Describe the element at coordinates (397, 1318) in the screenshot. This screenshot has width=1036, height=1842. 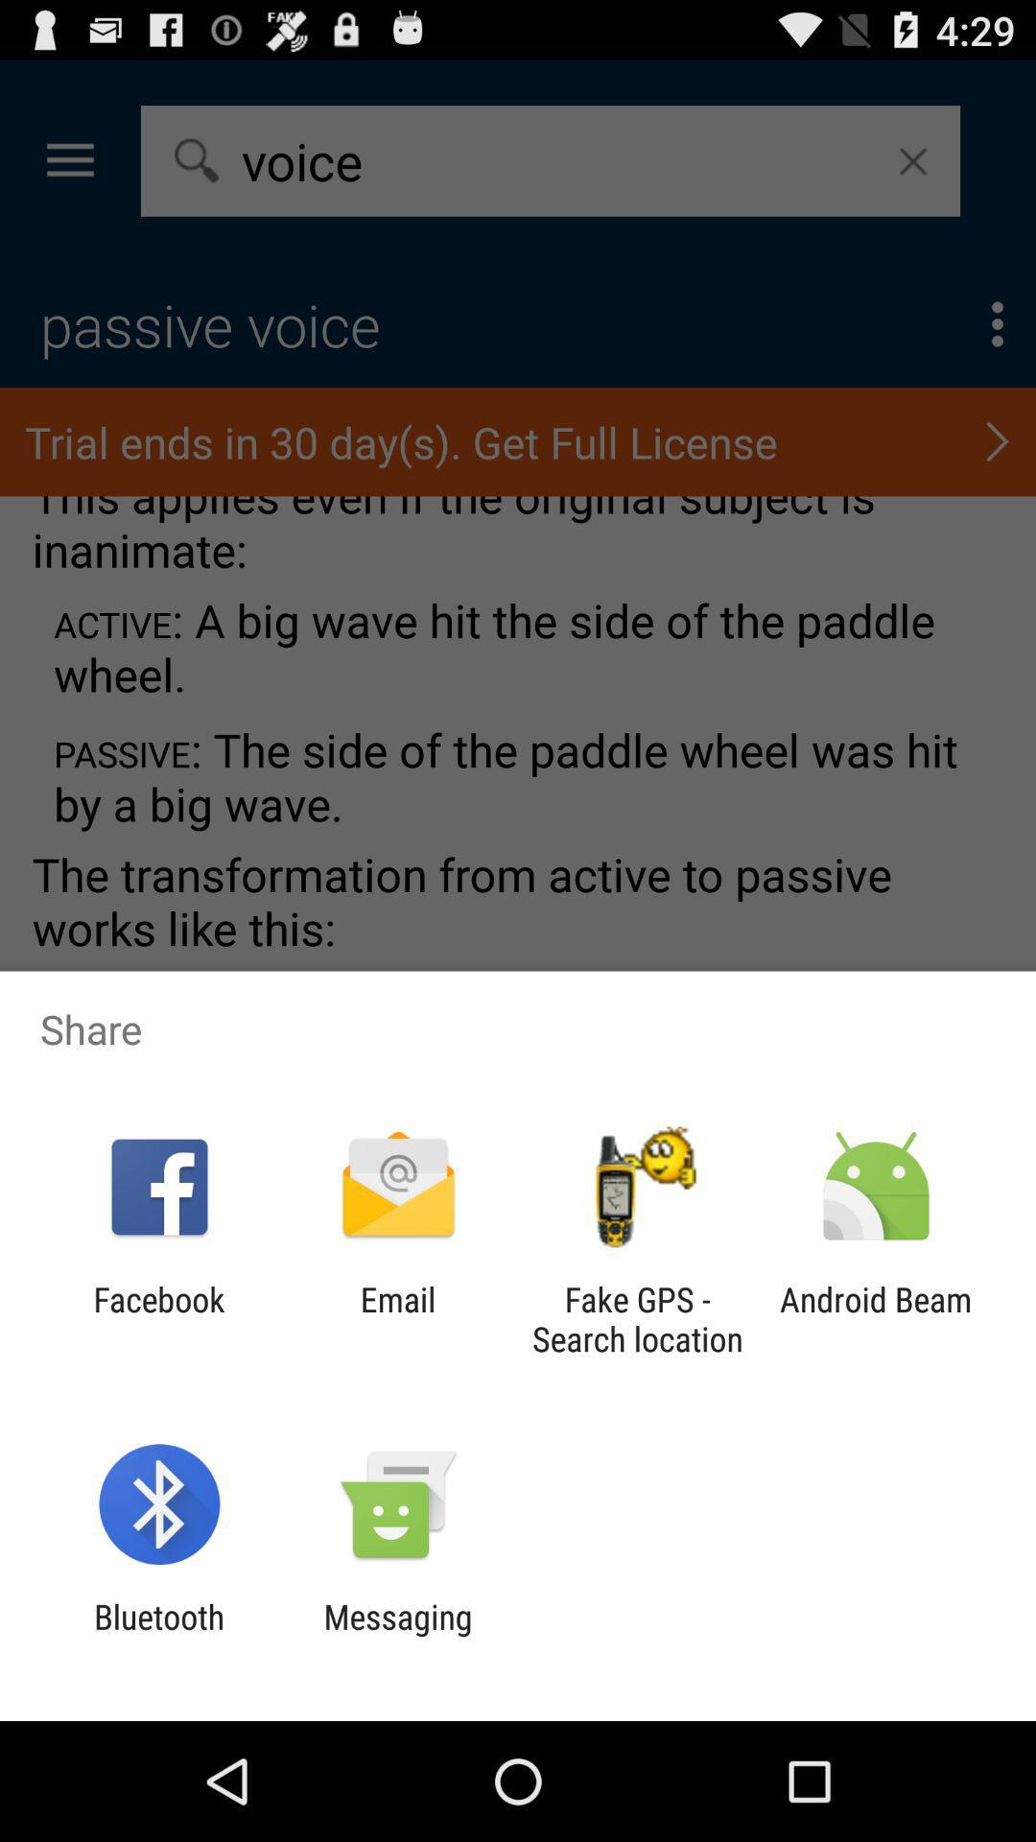
I see `the item next to facebook app` at that location.